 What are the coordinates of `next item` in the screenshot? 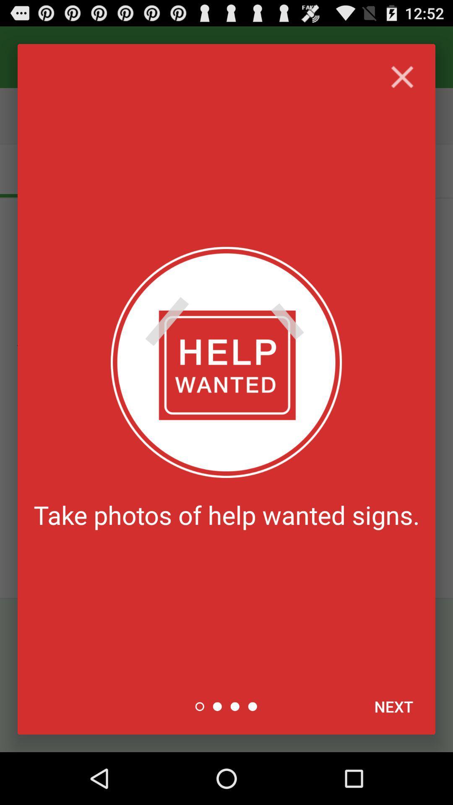 It's located at (393, 706).